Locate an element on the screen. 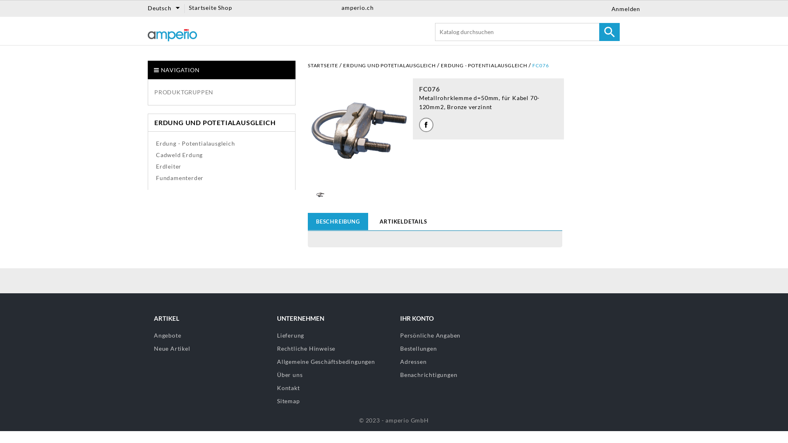  'Erdung - Potentialausgleich' is located at coordinates (195, 143).